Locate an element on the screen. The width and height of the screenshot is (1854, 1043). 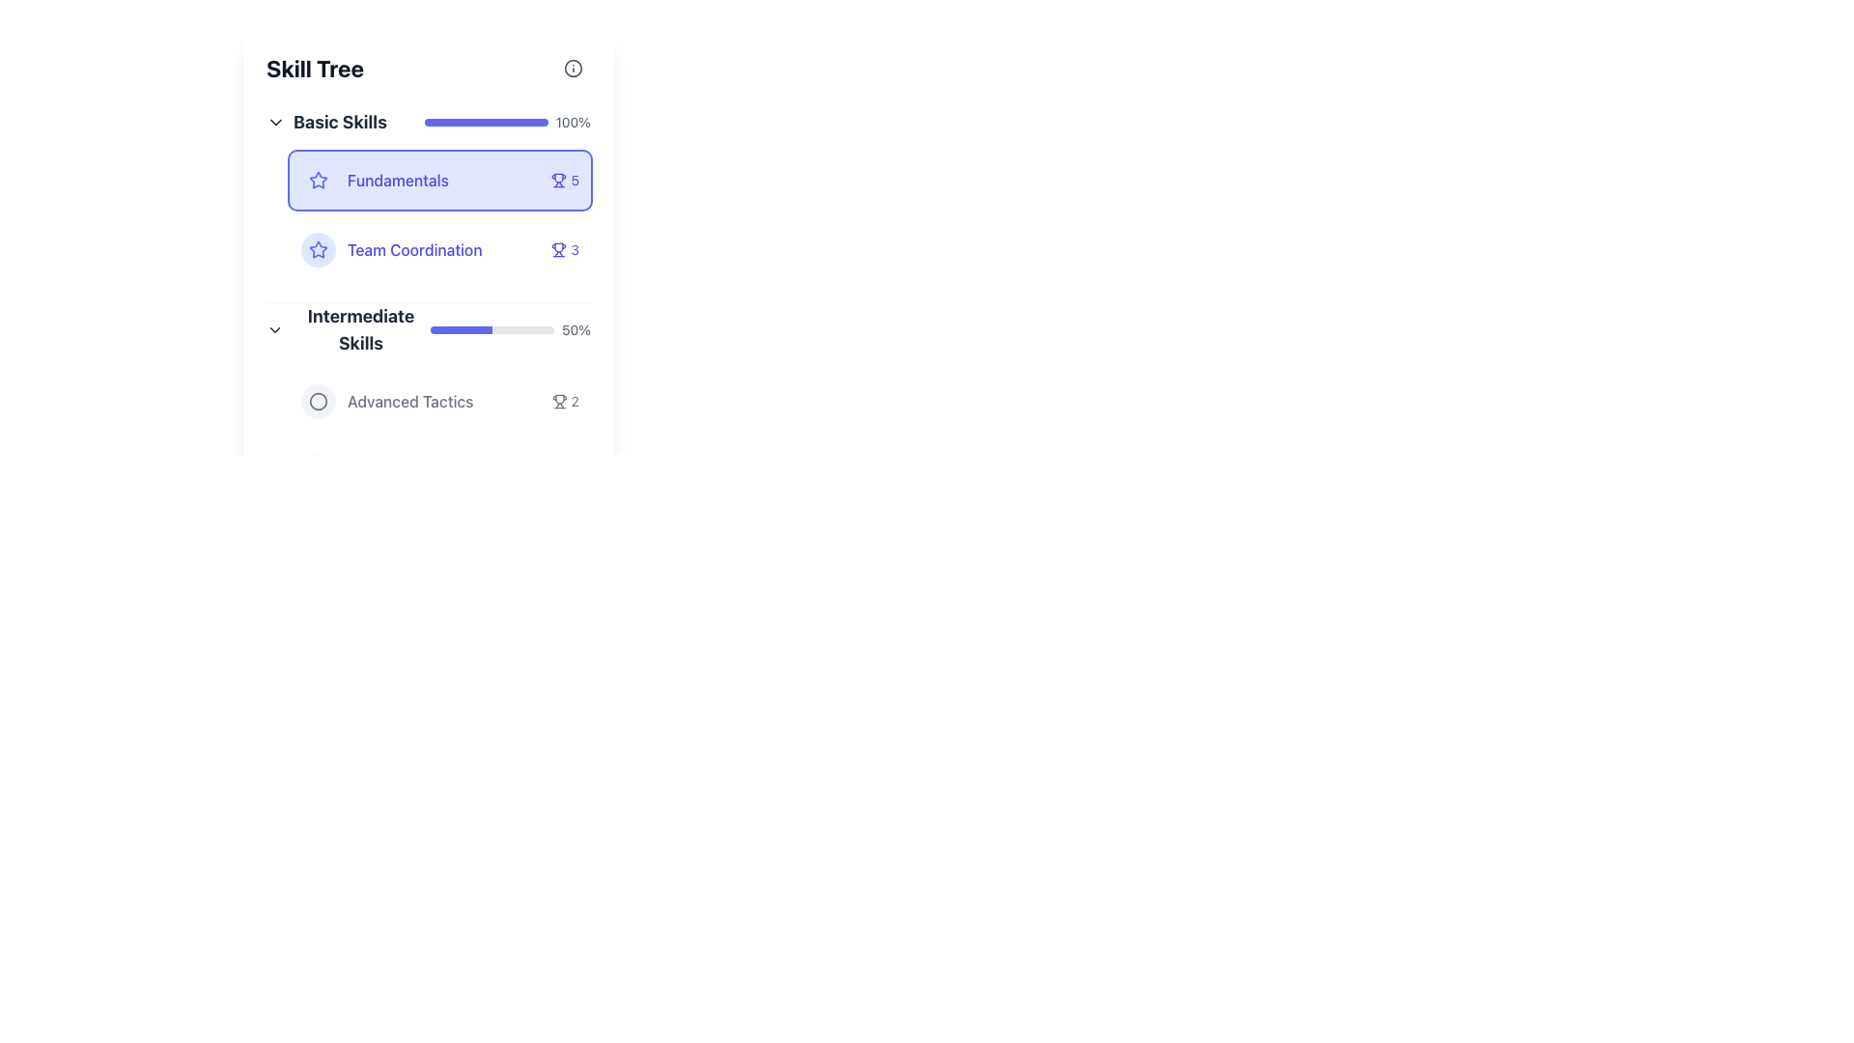
the right-pointing chevron icon located immediately to the left of the 'Basic Skills' text in the 'Skill Tree' UI section is located at coordinates (275, 123).